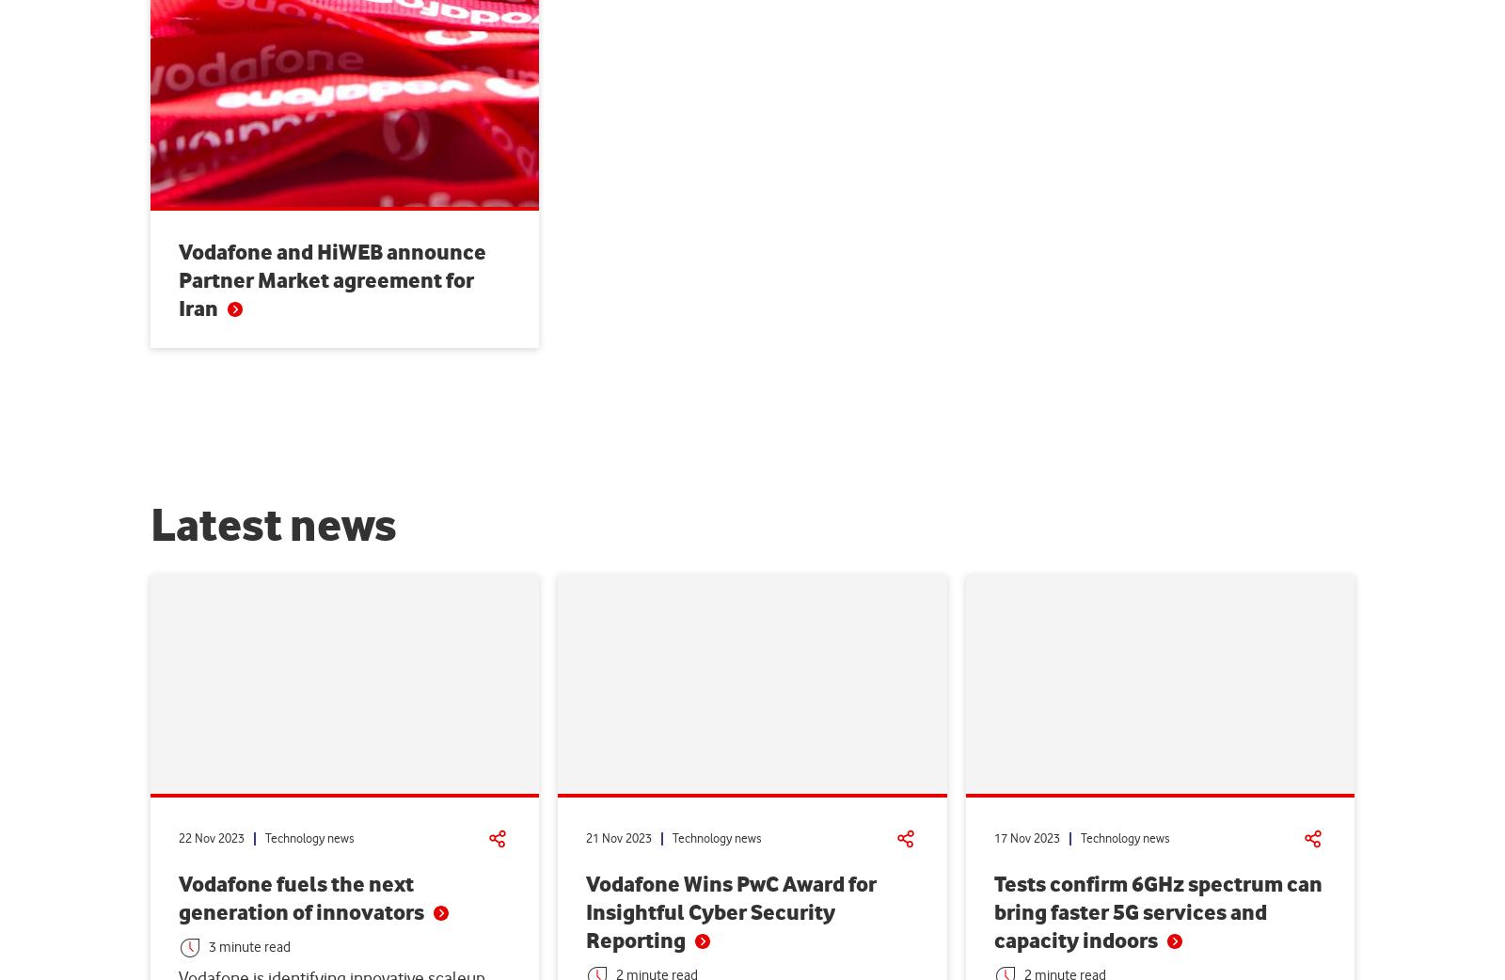  I want to click on '17 Nov 2023', so click(993, 837).